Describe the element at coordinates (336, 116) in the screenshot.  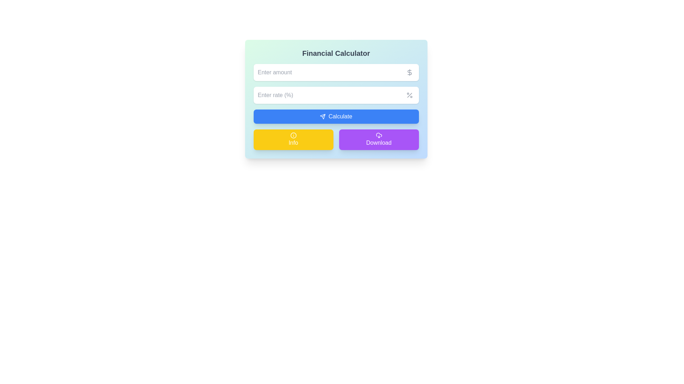
I see `the 'Calculate' button with a blue background and white text` at that location.